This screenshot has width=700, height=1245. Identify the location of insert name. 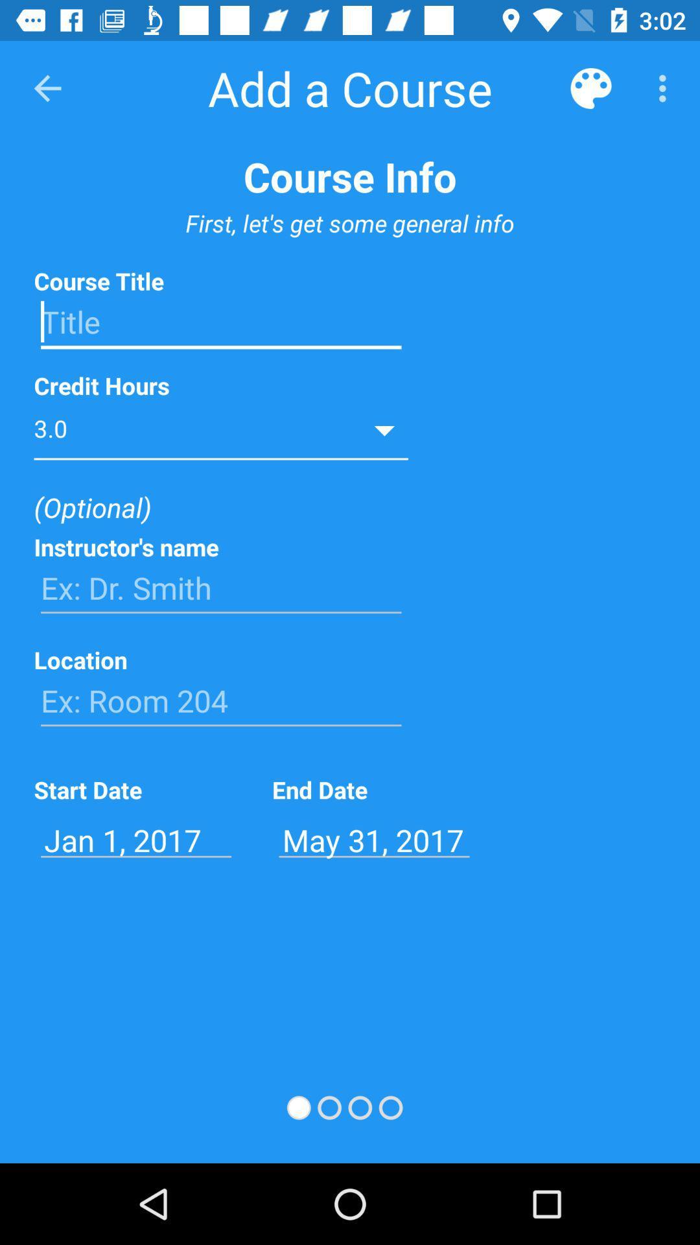
(220, 587).